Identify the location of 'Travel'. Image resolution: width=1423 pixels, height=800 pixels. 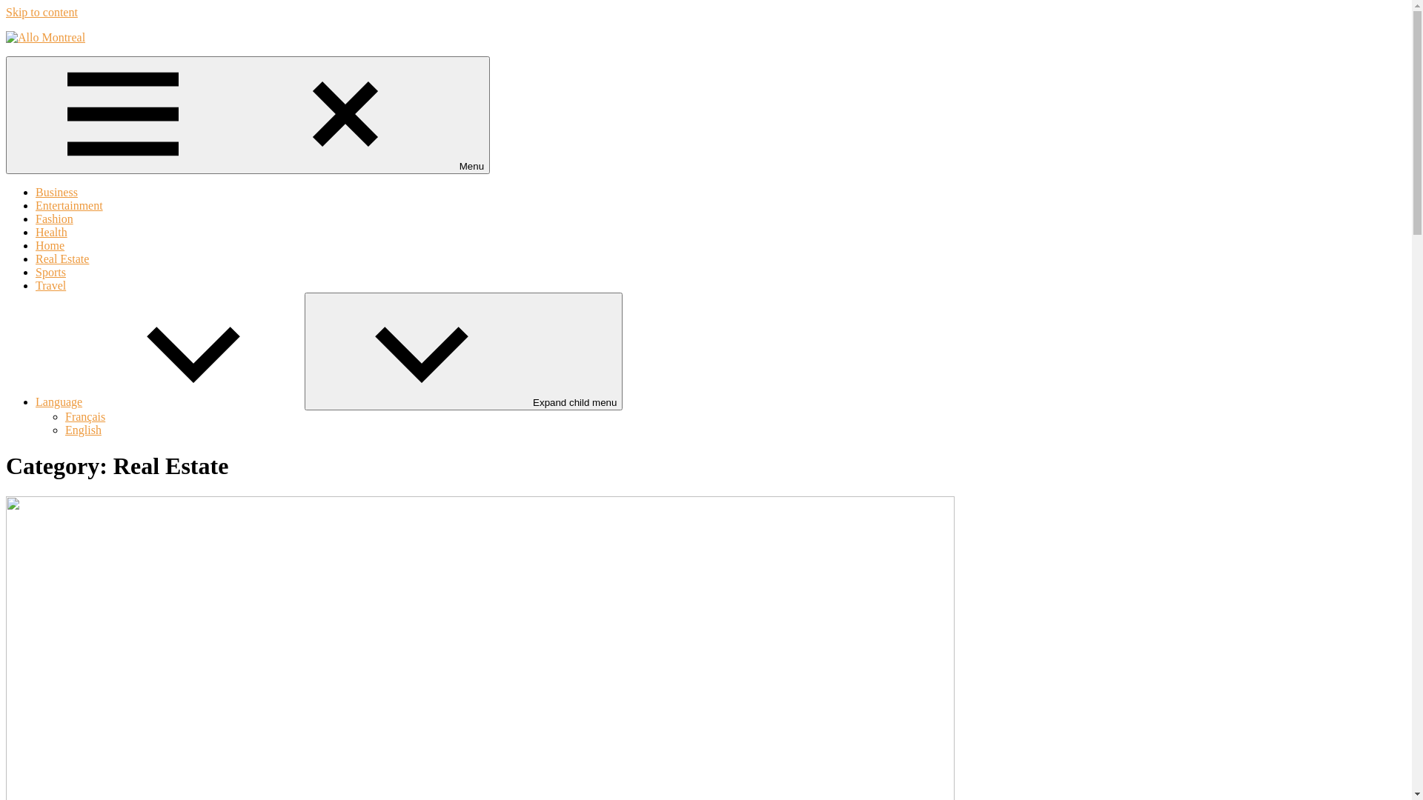
(36, 285).